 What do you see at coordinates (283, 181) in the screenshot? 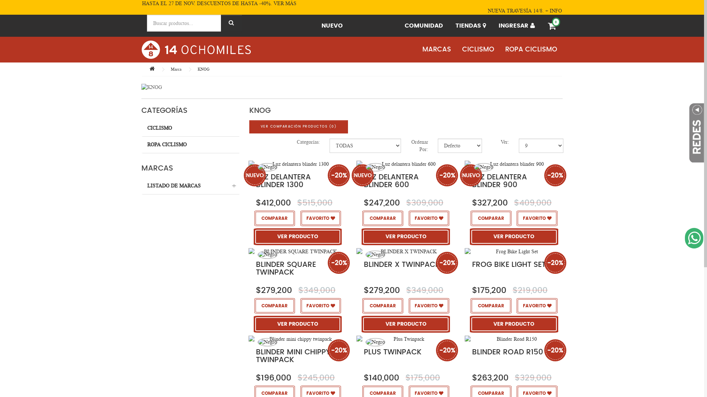
I see `'LUZ DELANTERA BLINDER 1300'` at bounding box center [283, 181].